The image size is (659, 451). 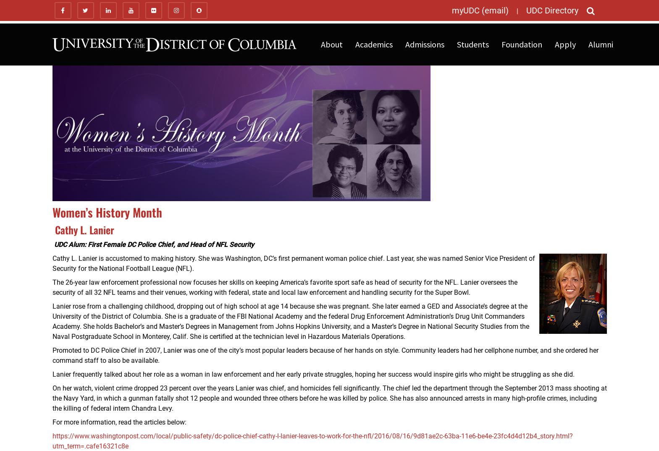 I want to click on 'Lanier frequently talked about her role as a woman in law enforcement and her early private struggles, hoping her success would inspire girls who might be struggling as she did.', so click(x=312, y=374).